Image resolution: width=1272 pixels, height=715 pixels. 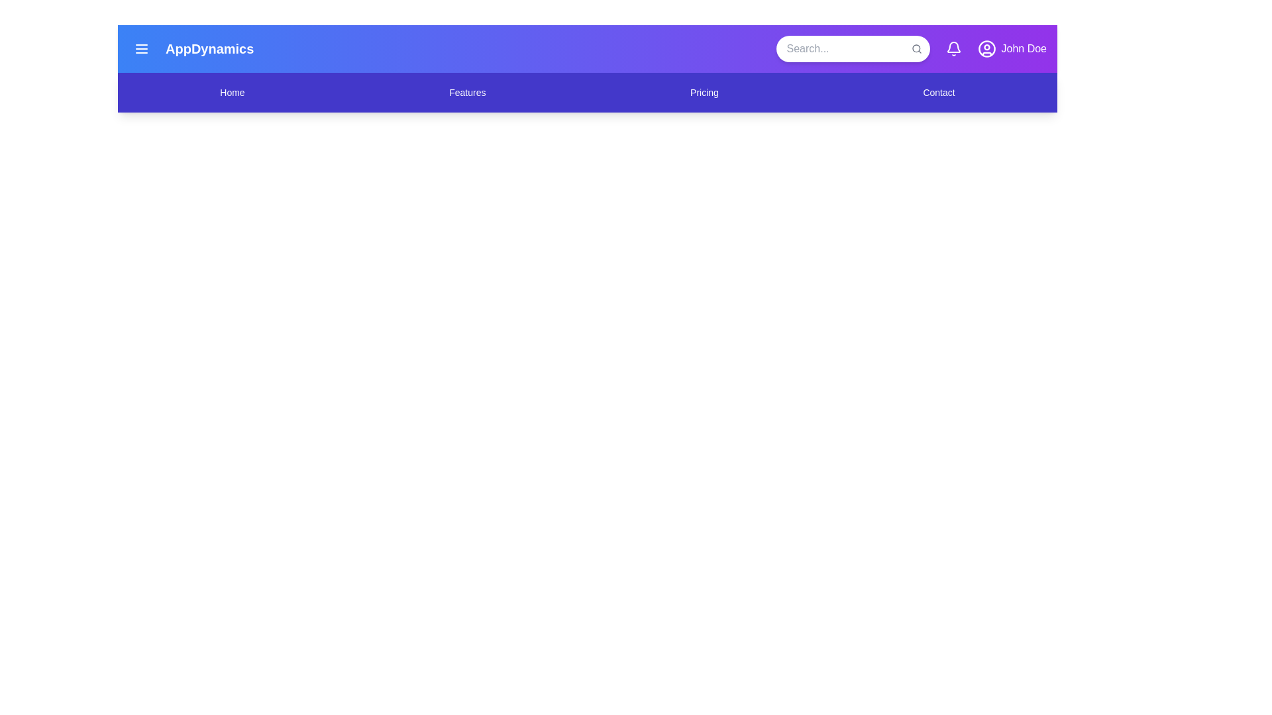 What do you see at coordinates (467, 91) in the screenshot?
I see `the navigation link labeled Features` at bounding box center [467, 91].